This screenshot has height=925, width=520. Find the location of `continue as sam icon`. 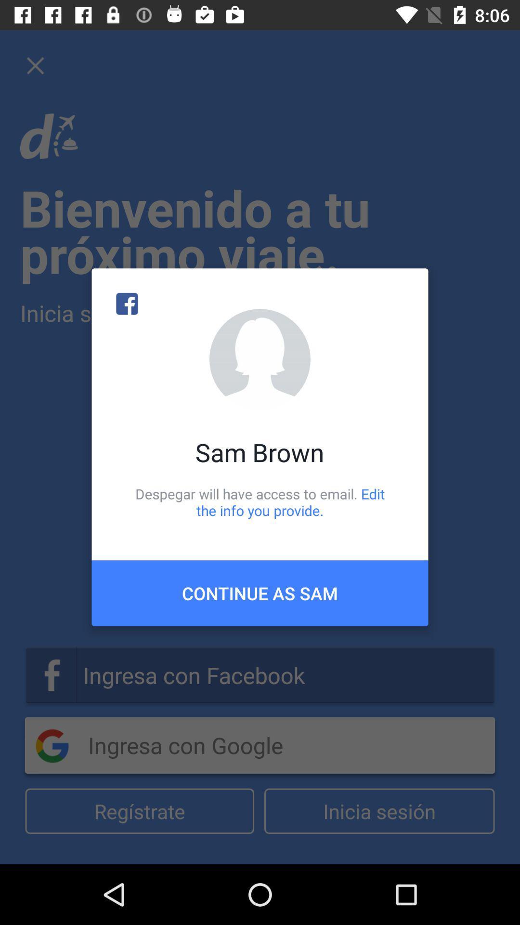

continue as sam icon is located at coordinates (260, 593).